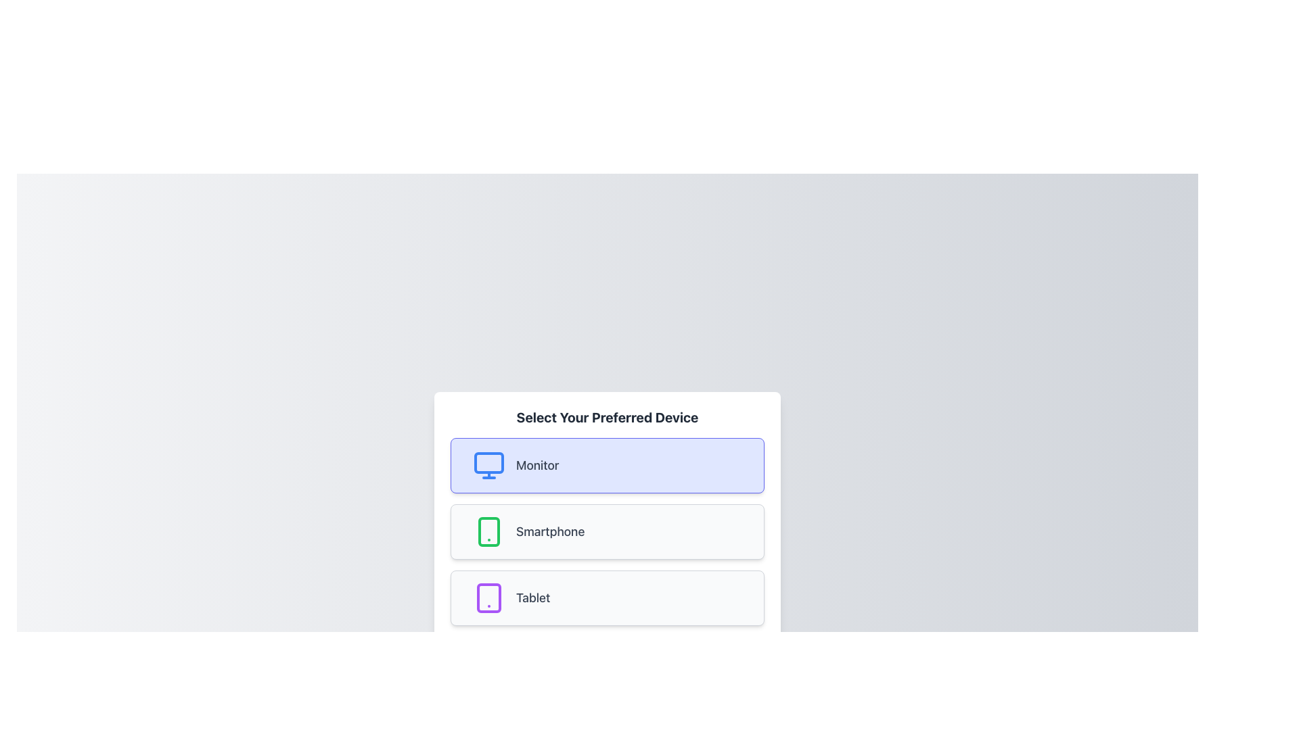 This screenshot has height=730, width=1299. I want to click on the 'Smartphone' text label, which is centrally positioned in the second card-like option for device selection, located between 'Monitor' and 'Tablet', so click(550, 531).